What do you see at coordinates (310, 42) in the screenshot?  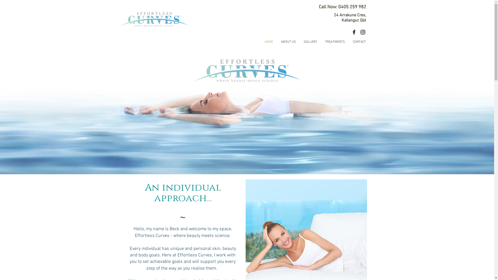 I see `'GALLERY'` at bounding box center [310, 42].